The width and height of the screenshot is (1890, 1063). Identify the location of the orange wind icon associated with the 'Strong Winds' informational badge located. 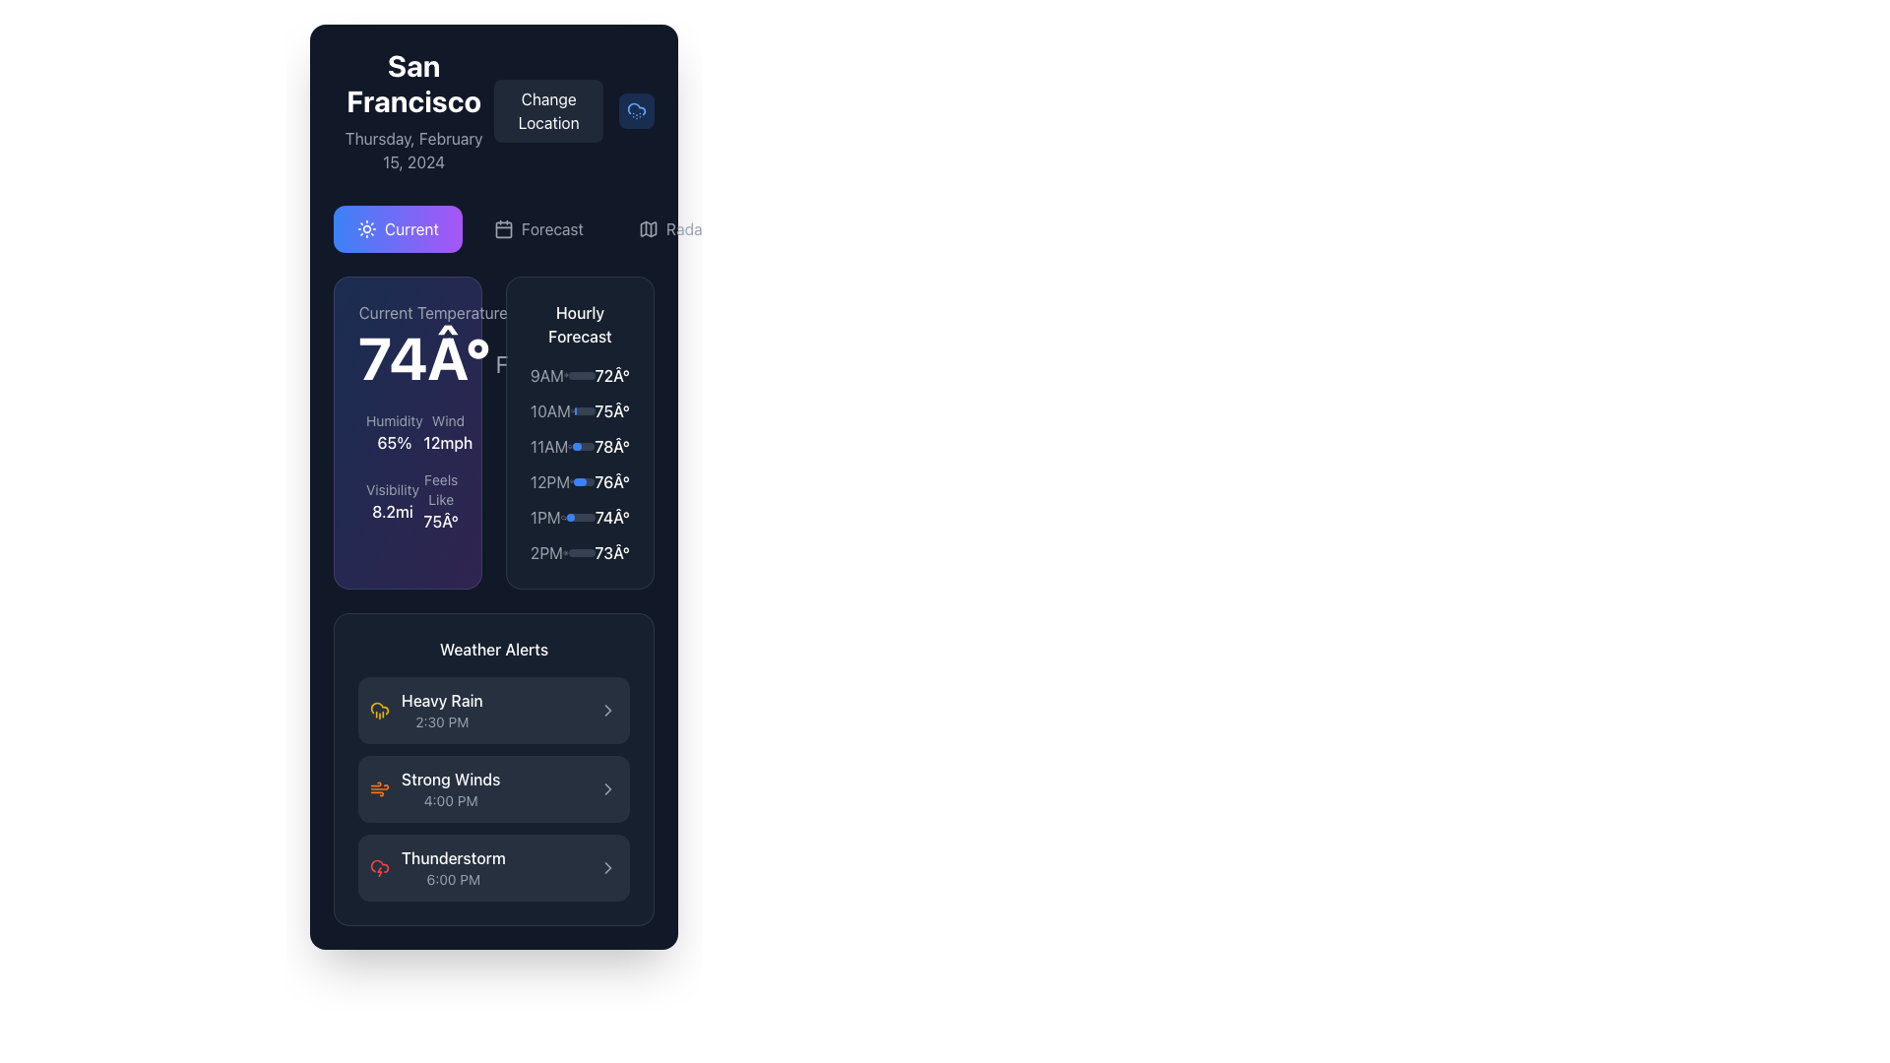
(434, 788).